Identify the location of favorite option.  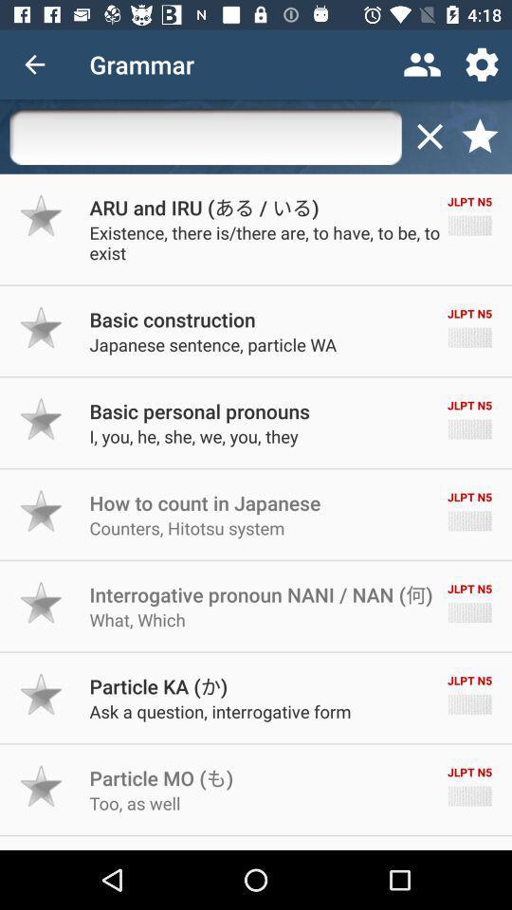
(42, 419).